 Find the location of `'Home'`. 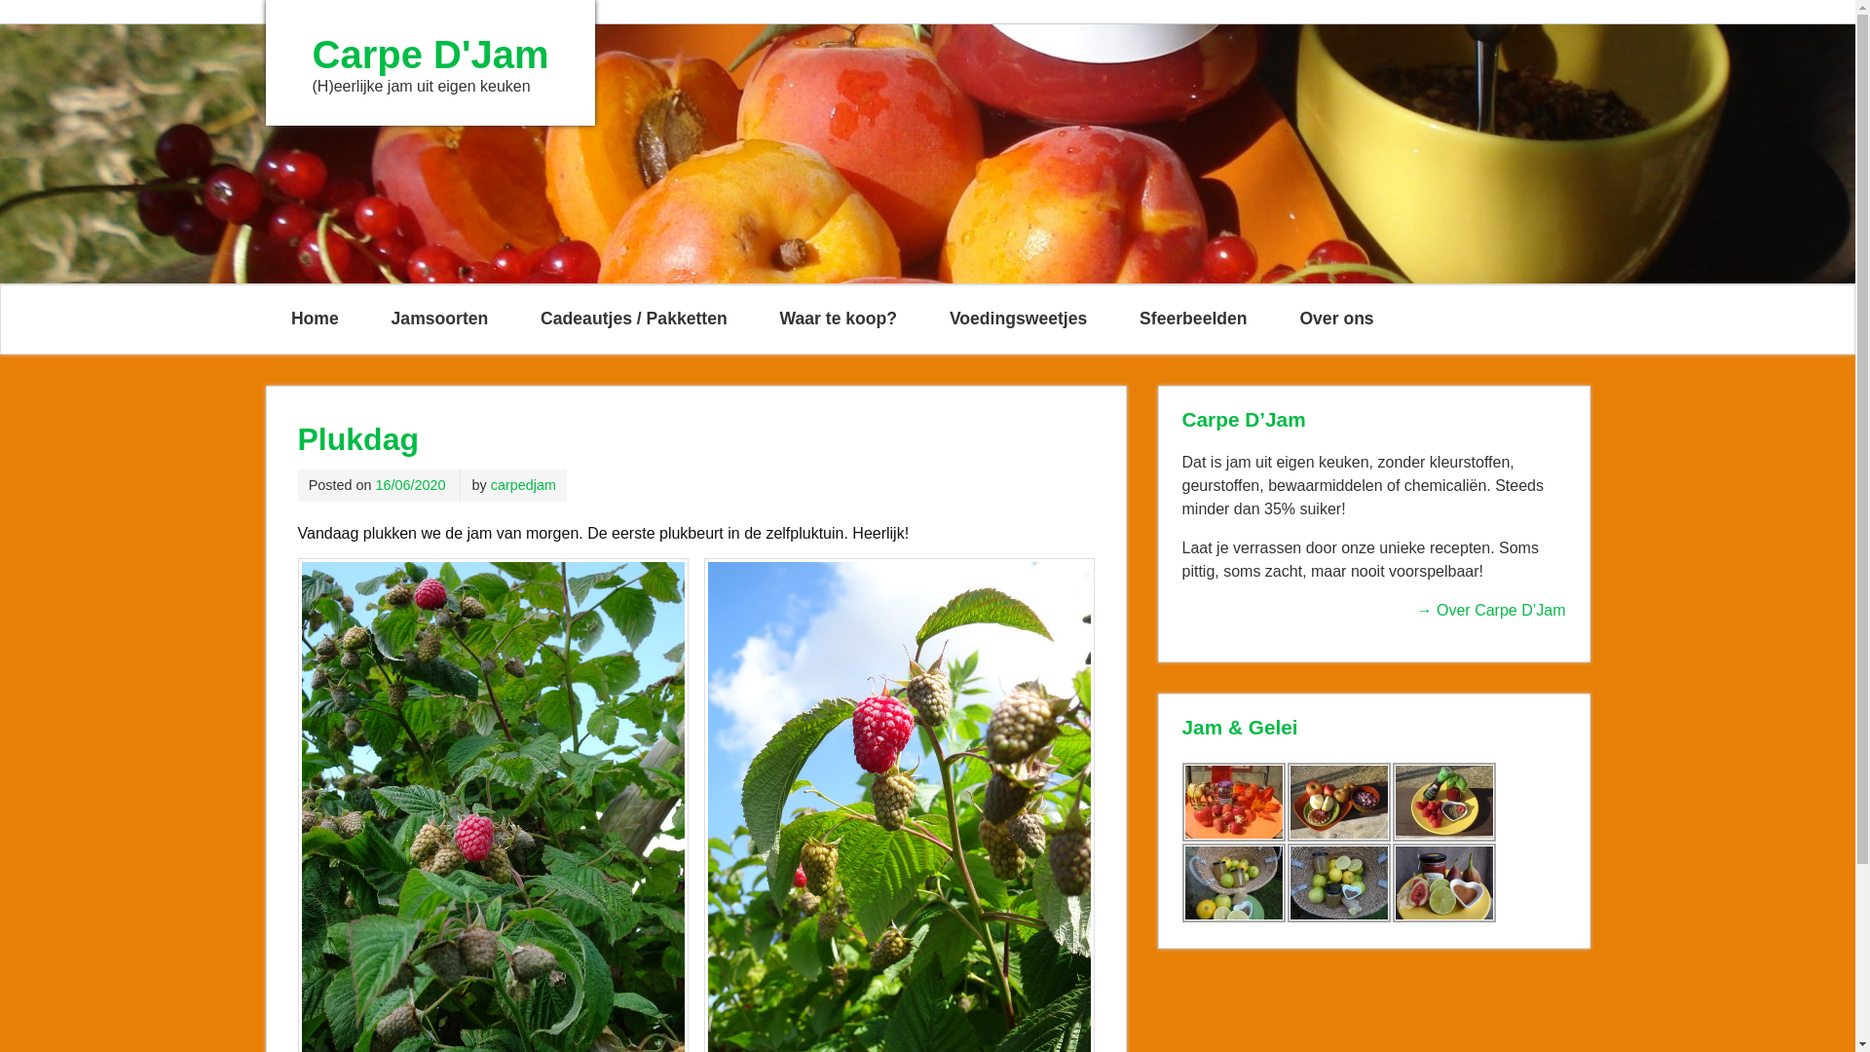

'Home' is located at coordinates (314, 318).